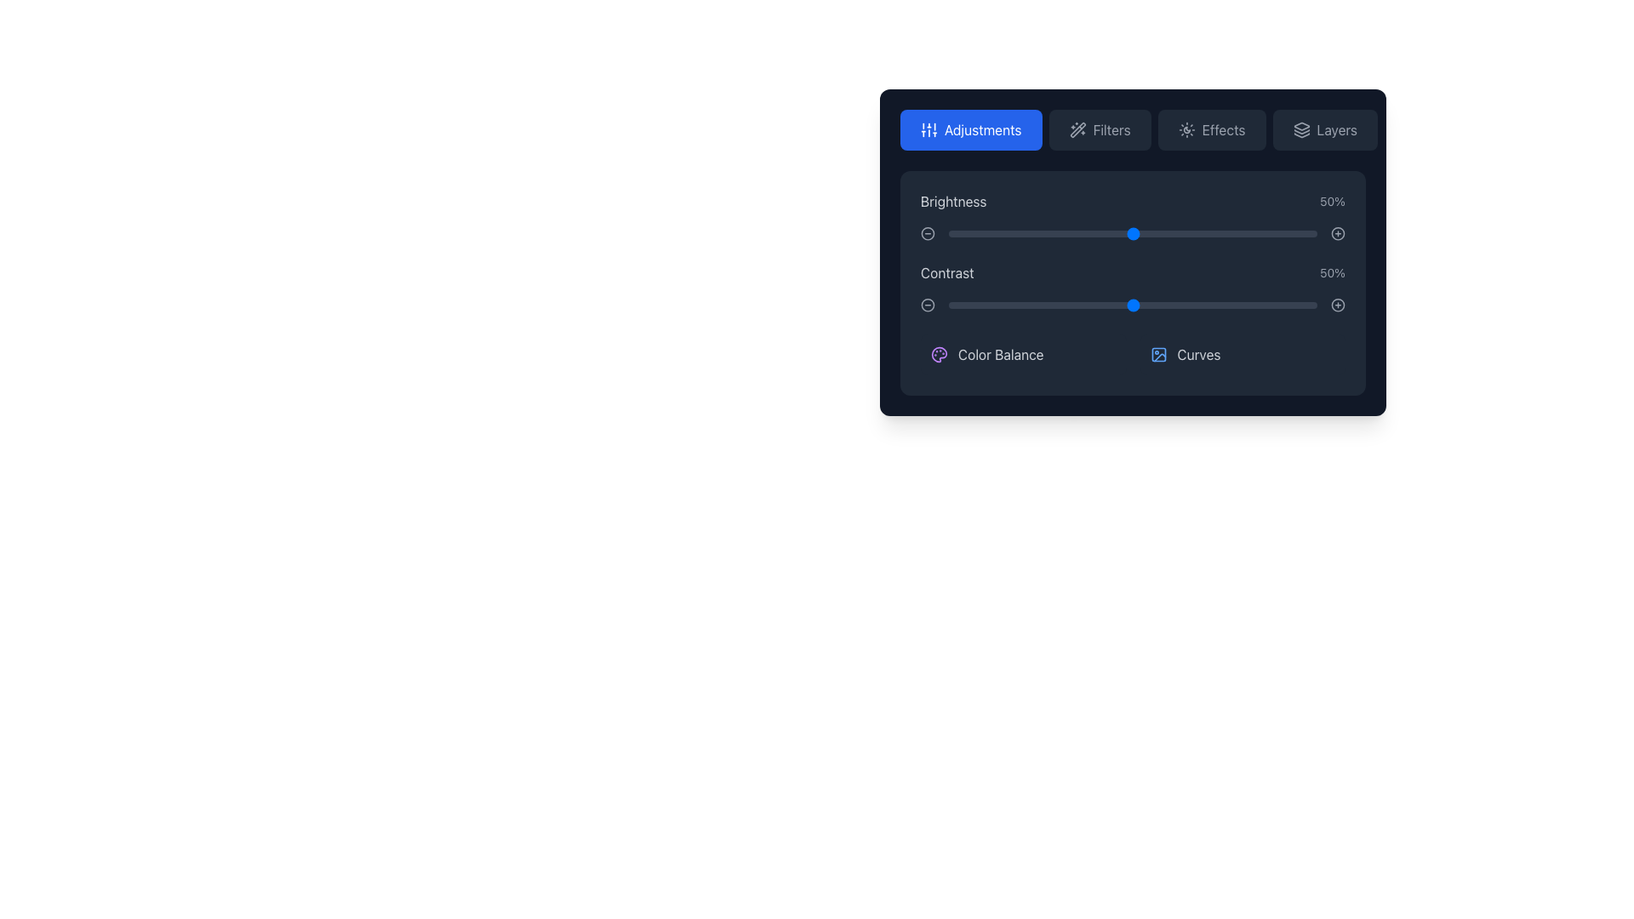 The width and height of the screenshot is (1634, 919). I want to click on brightness, so click(1136, 233).